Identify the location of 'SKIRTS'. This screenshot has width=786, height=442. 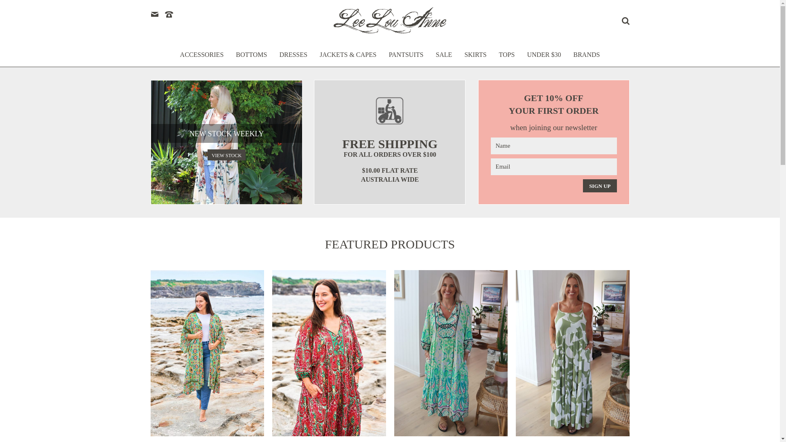
(475, 58).